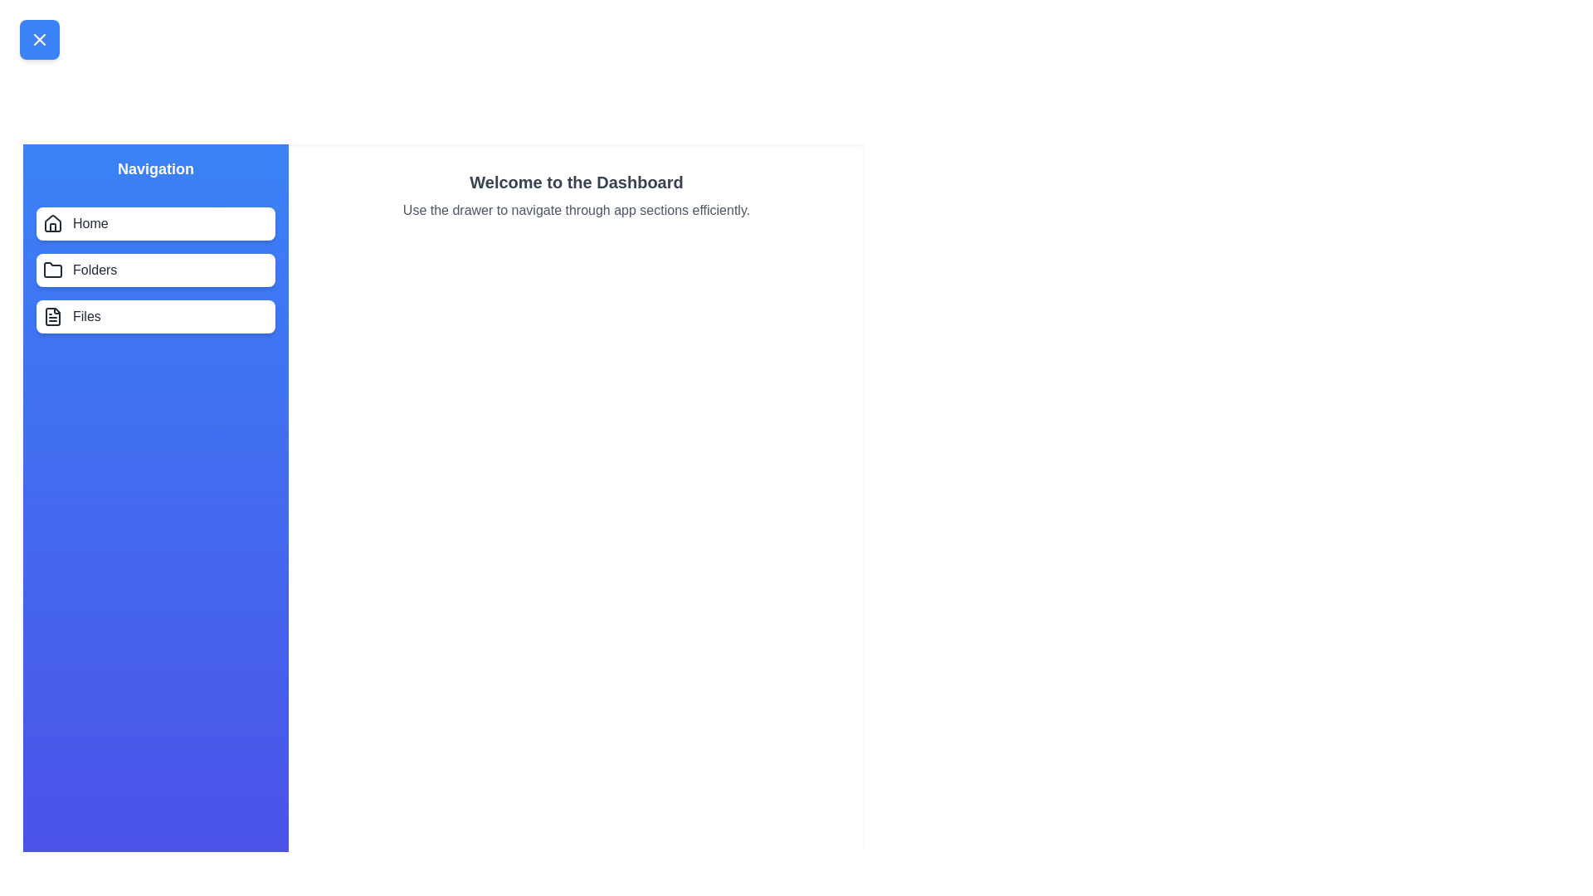 The image size is (1593, 896). I want to click on the navigation item Folders in the drawer, so click(155, 270).